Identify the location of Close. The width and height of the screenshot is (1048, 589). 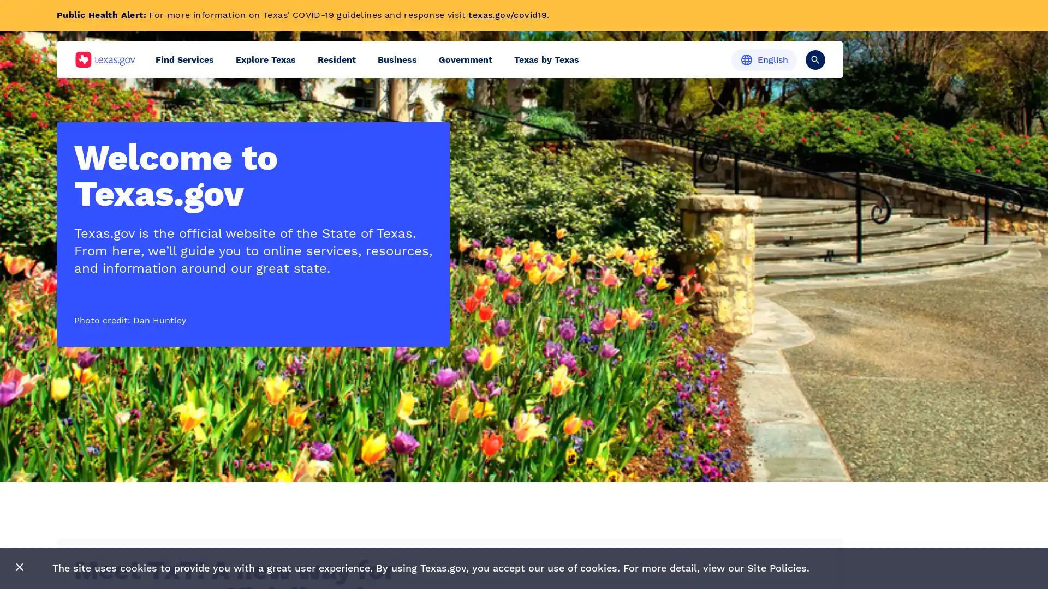
(20, 567).